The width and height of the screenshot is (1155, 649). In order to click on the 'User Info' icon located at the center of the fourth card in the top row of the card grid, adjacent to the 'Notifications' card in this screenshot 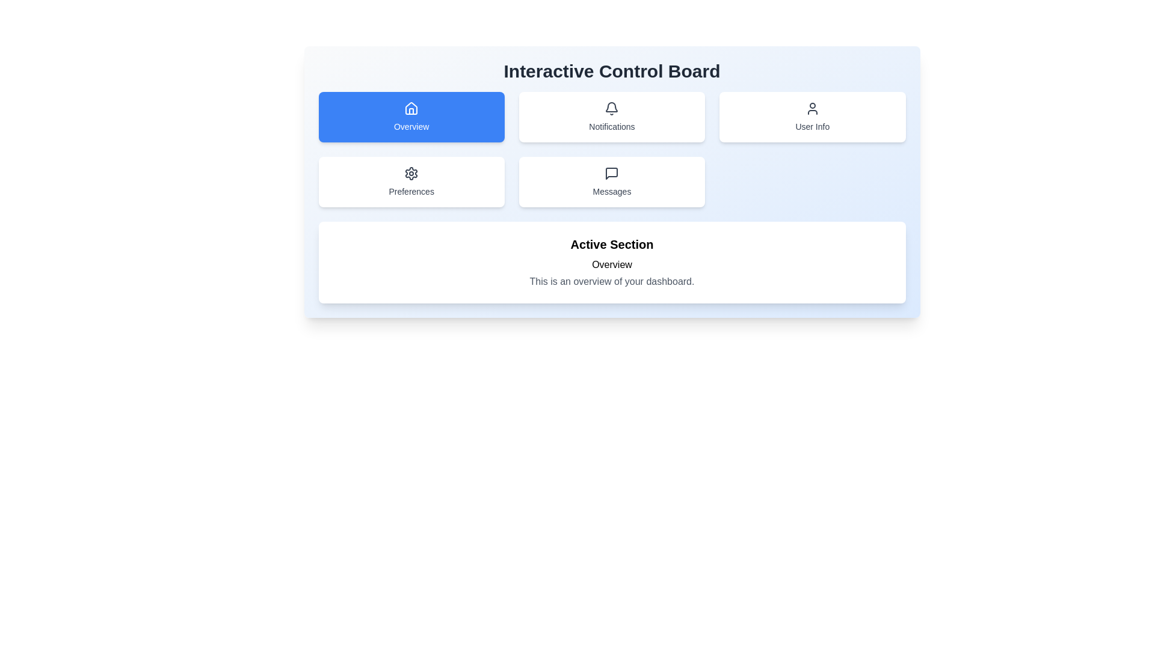, I will do `click(812, 109)`.